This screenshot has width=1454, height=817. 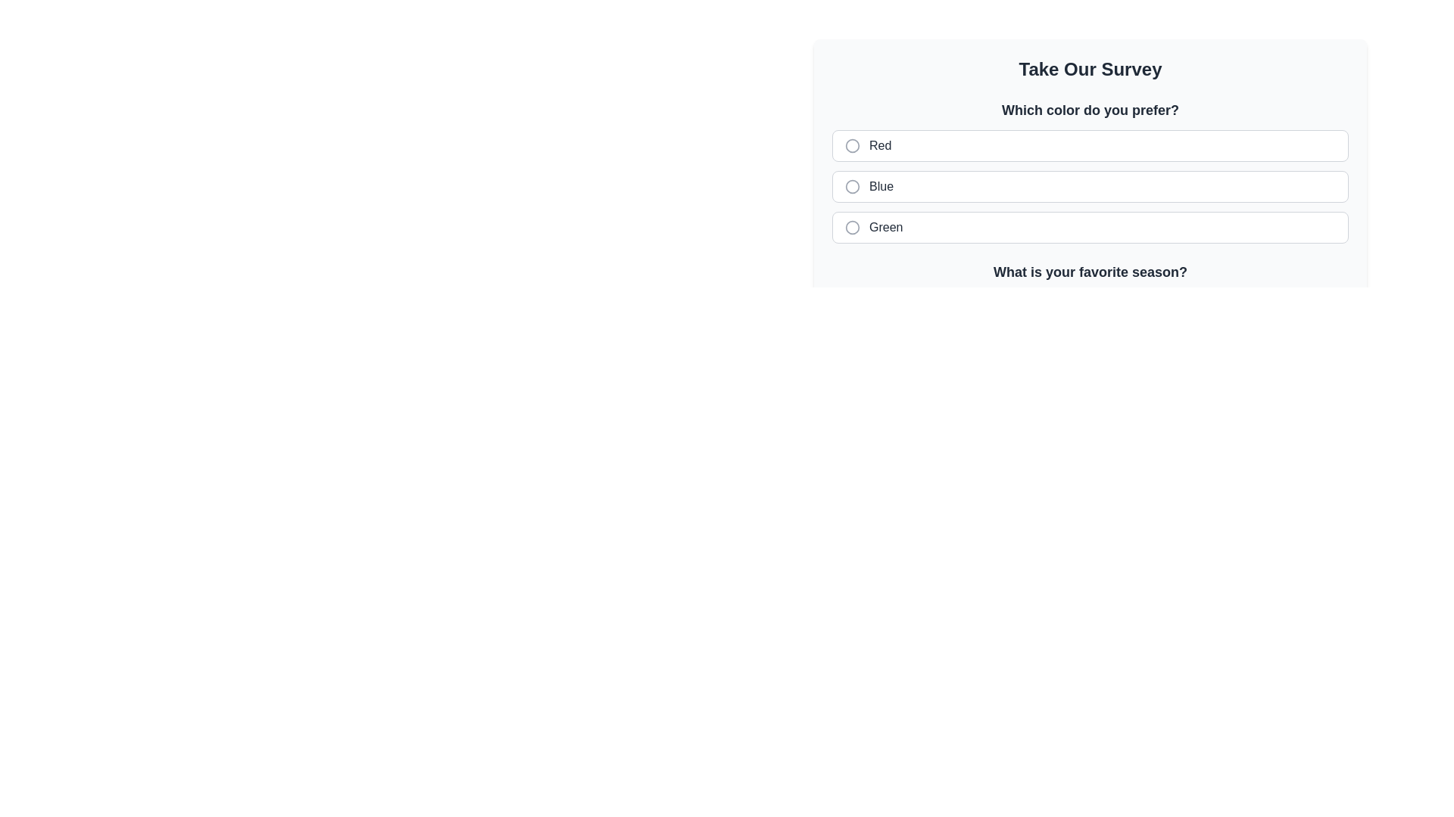 What do you see at coordinates (1090, 70) in the screenshot?
I see `text of the title element located at the top-center of the survey section, which introduces the context or purpose of the content` at bounding box center [1090, 70].